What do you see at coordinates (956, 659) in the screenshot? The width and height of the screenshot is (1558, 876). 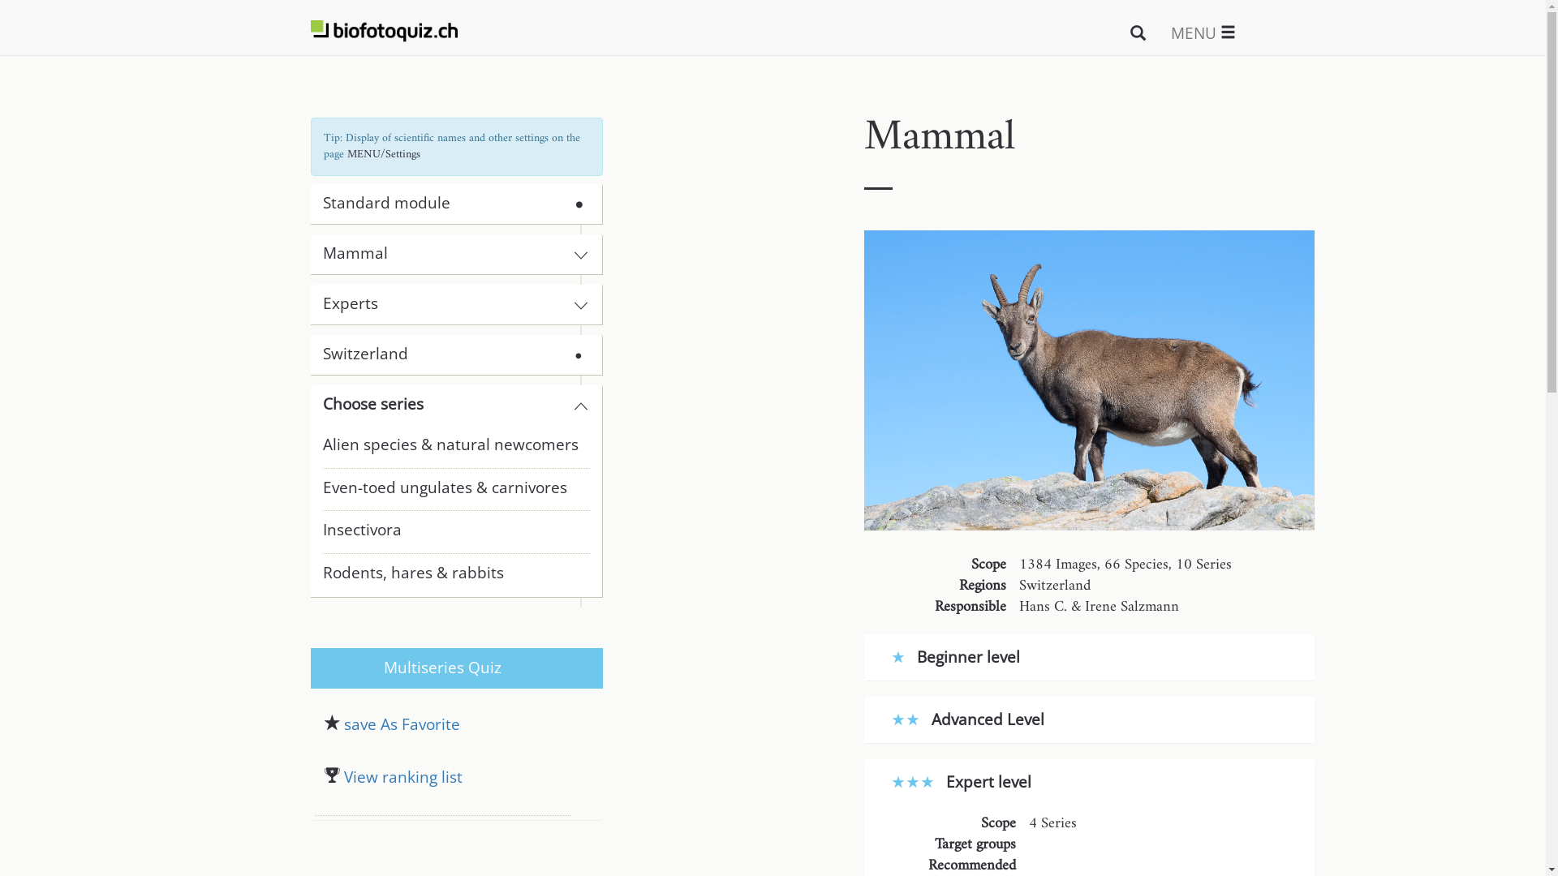 I see `'Beginner level'` at bounding box center [956, 659].